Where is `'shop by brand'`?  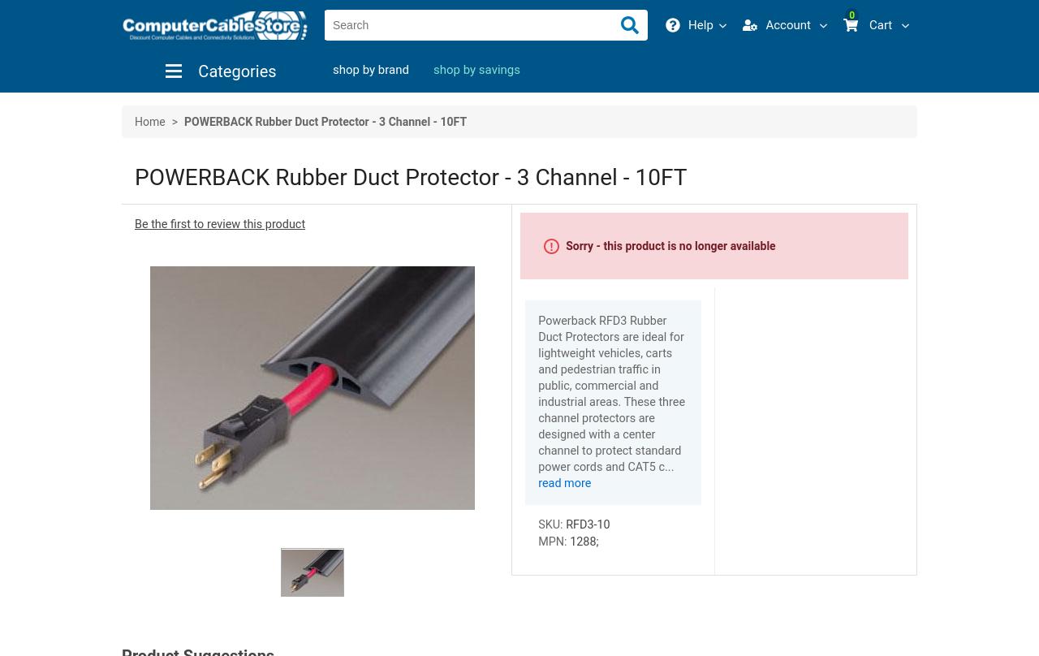 'shop by brand' is located at coordinates (369, 69).